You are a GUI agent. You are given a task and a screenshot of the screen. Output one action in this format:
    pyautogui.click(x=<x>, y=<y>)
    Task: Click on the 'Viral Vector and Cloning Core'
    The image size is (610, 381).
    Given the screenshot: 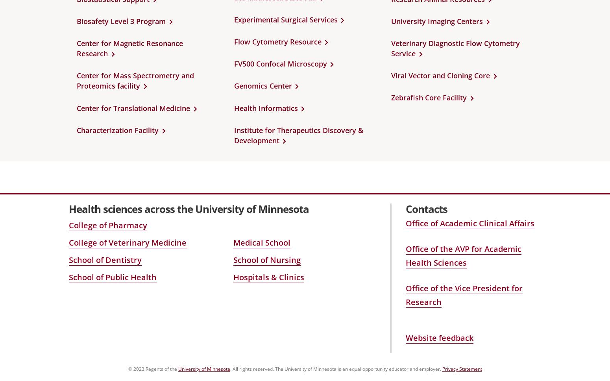 What is the action you would take?
    pyautogui.click(x=440, y=75)
    